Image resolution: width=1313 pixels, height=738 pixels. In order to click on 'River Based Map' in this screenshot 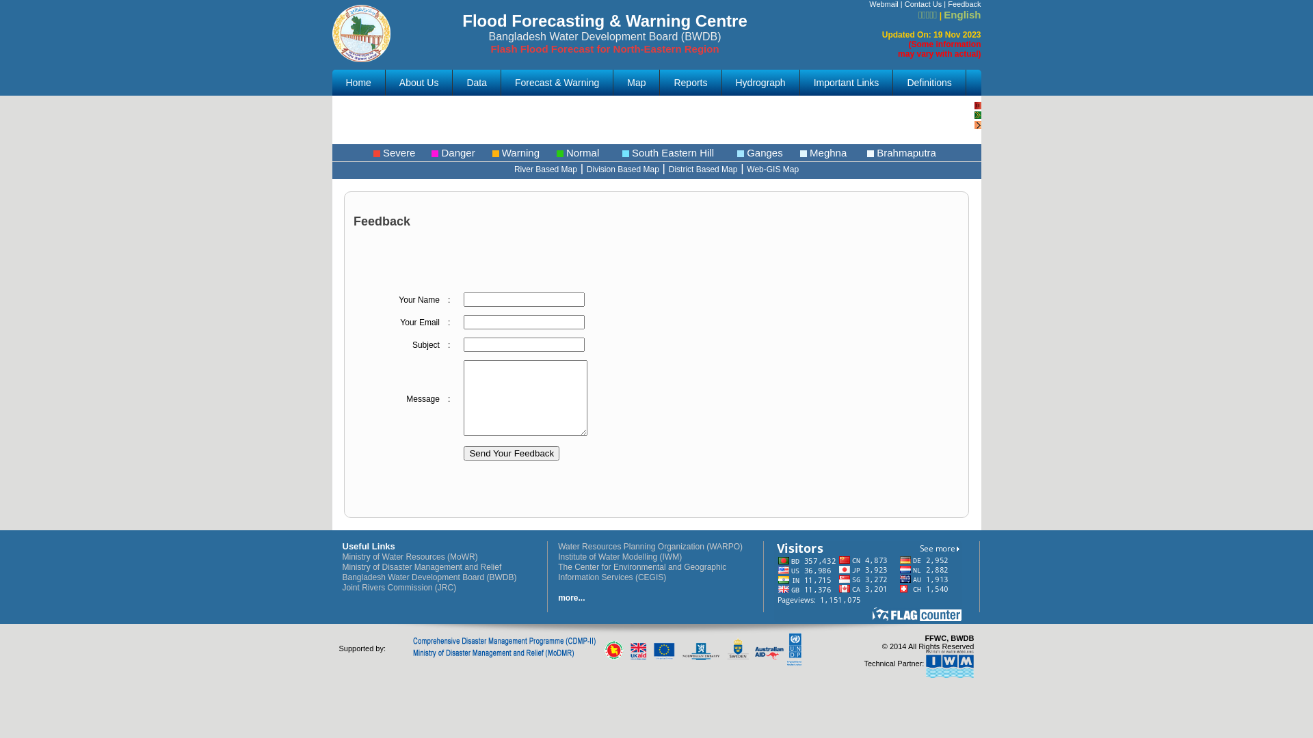, I will do `click(544, 168)`.